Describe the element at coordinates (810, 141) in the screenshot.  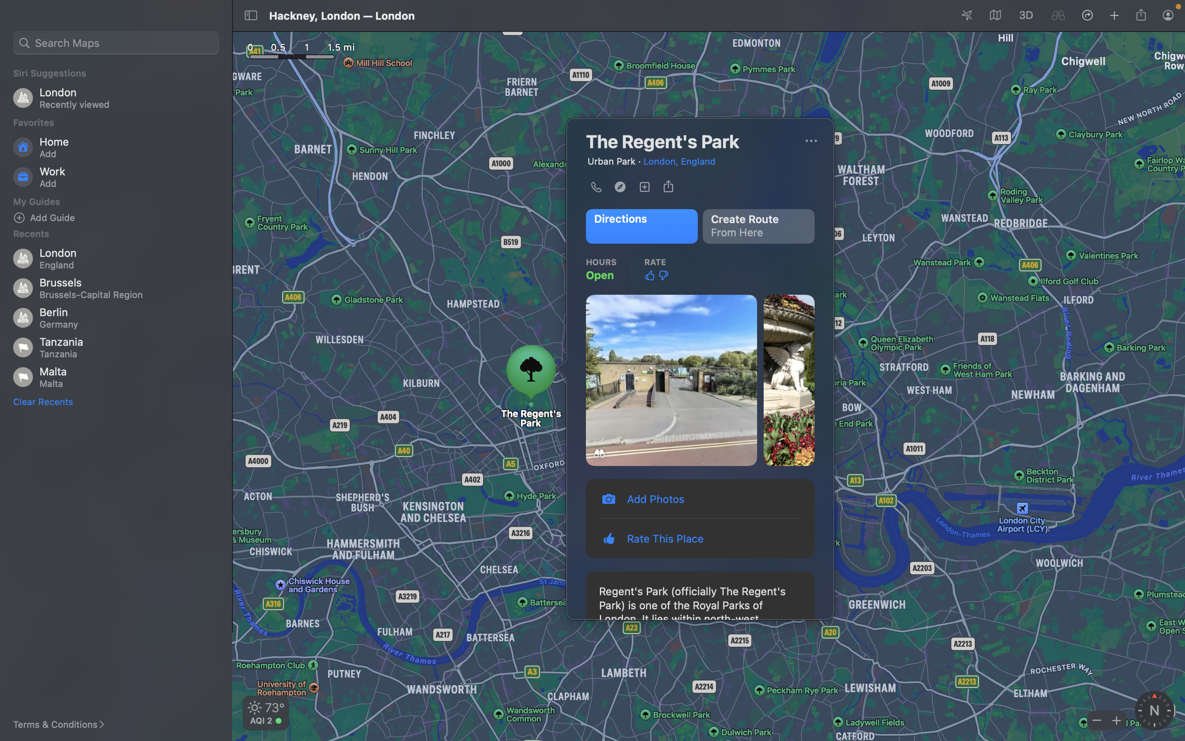
I see `Switch the visual display to a satellite image` at that location.